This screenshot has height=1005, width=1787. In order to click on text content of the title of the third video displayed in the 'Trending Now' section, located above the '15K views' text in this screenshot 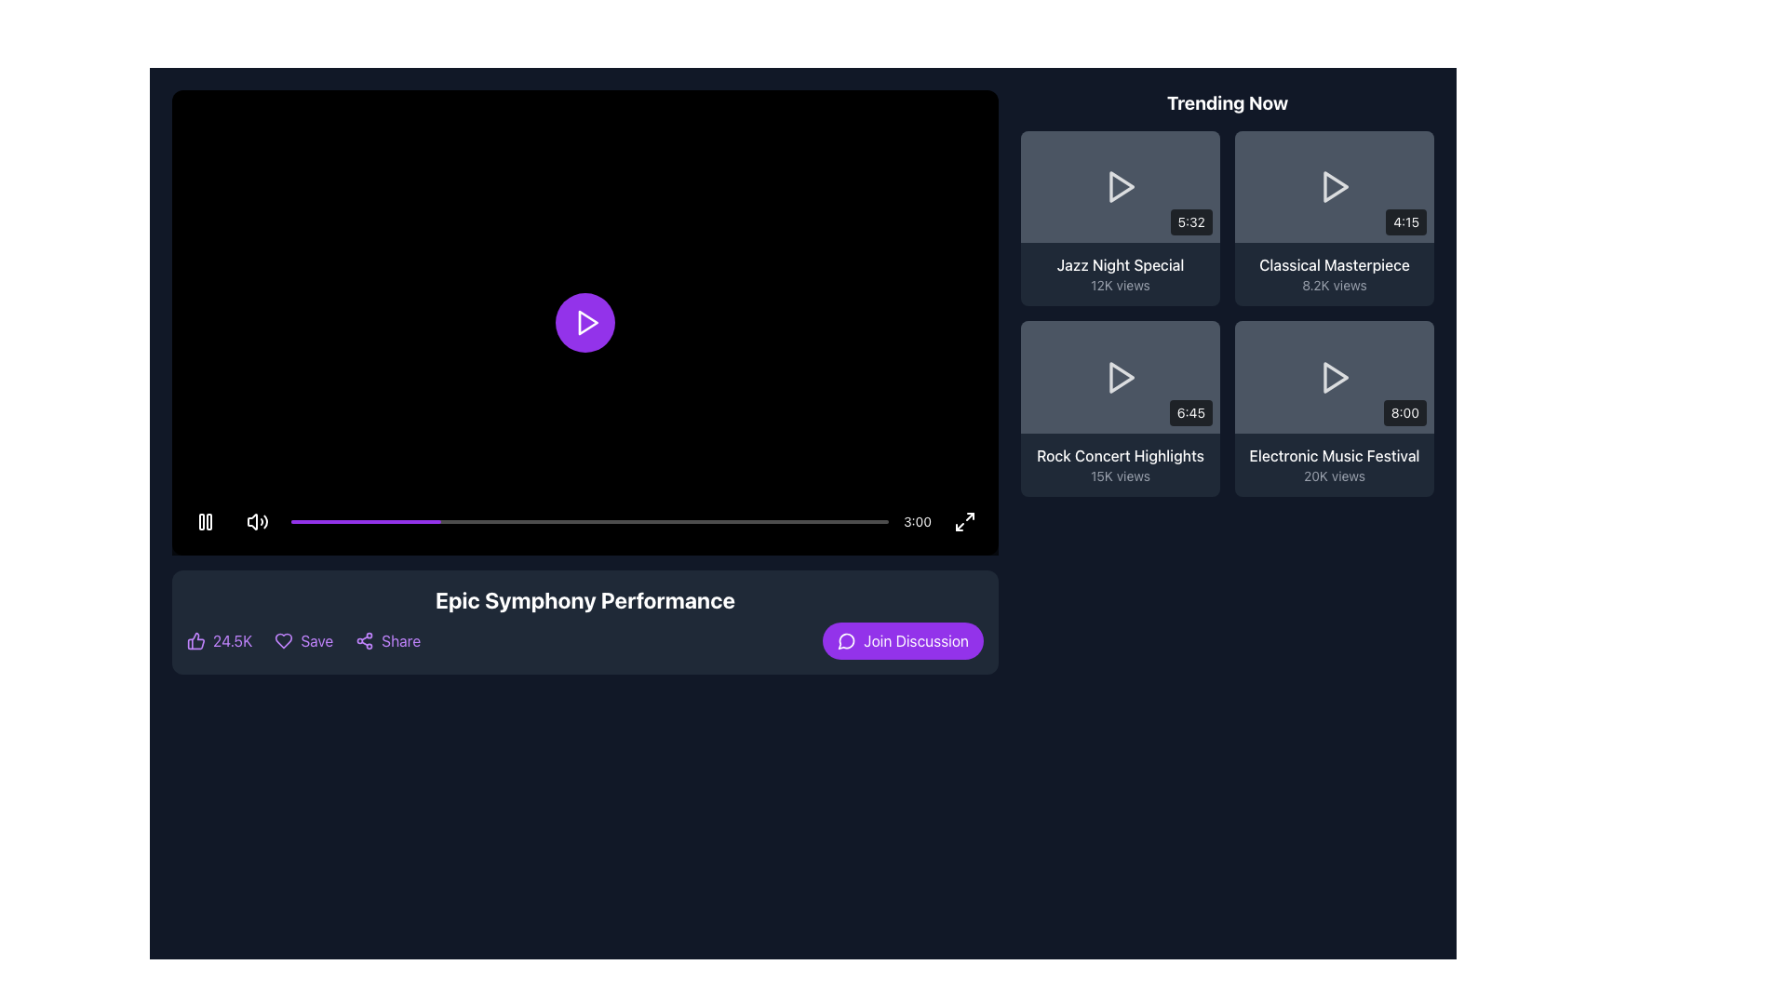, I will do `click(1120, 455)`.